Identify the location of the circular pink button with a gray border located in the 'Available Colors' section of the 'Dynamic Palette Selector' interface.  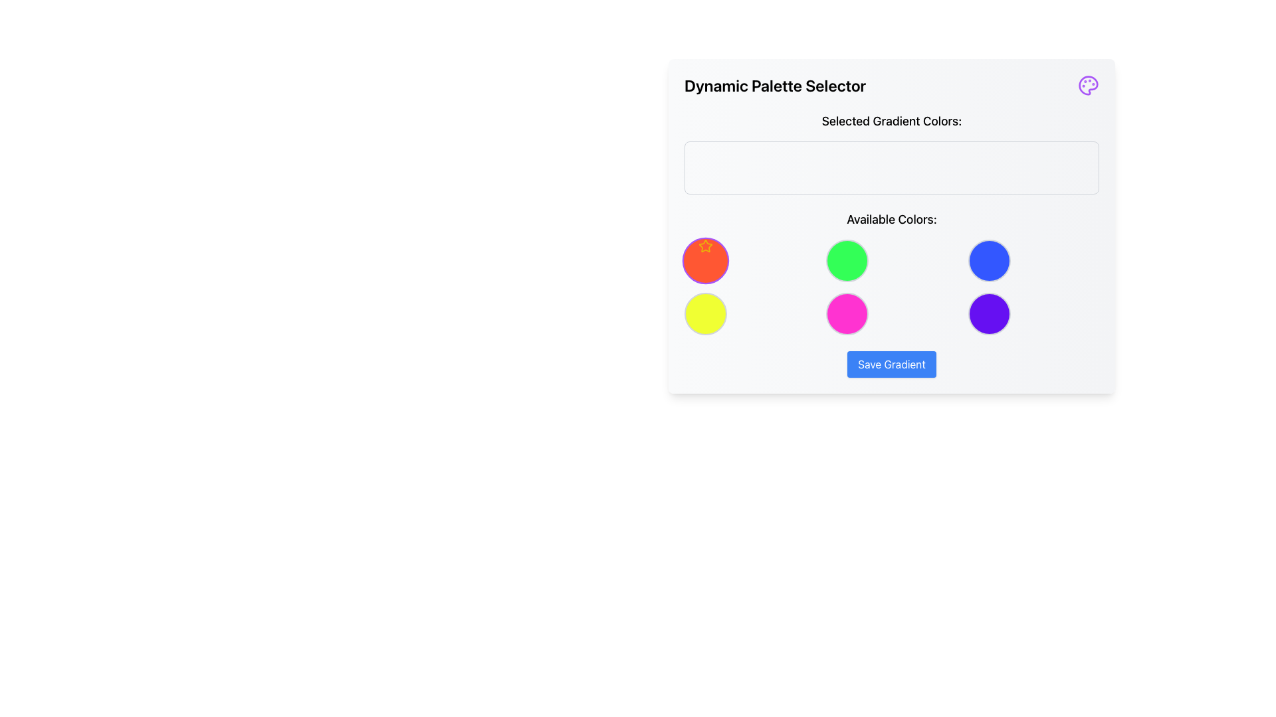
(847, 314).